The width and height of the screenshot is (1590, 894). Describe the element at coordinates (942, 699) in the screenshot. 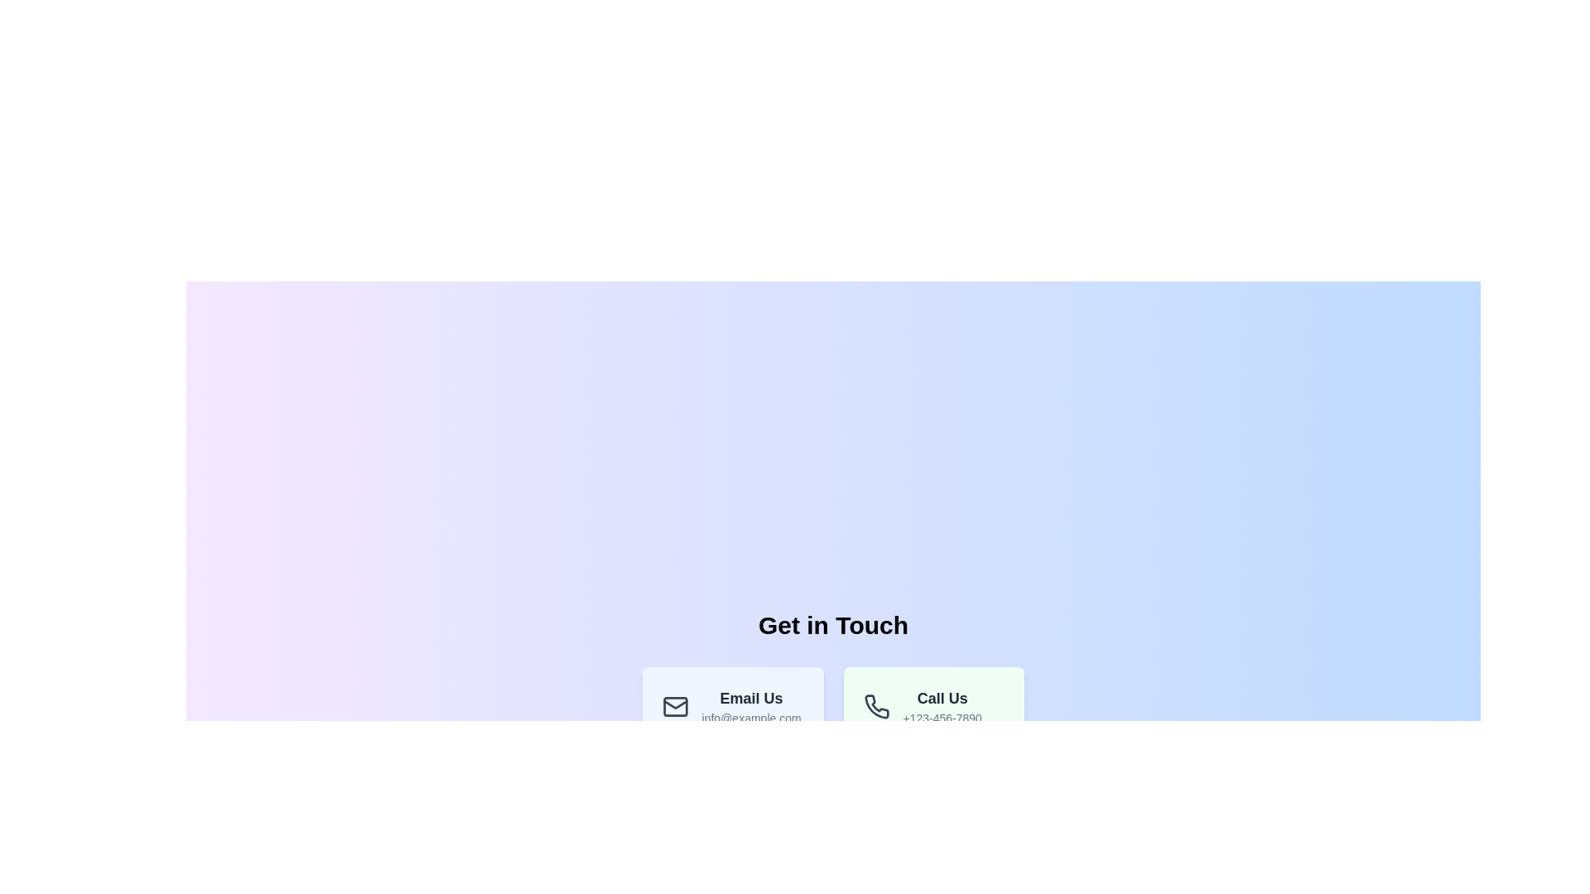

I see `the Static Text Label that serves as a visual indicator for the associated phone number located in the bottom right corner of the interface` at that location.